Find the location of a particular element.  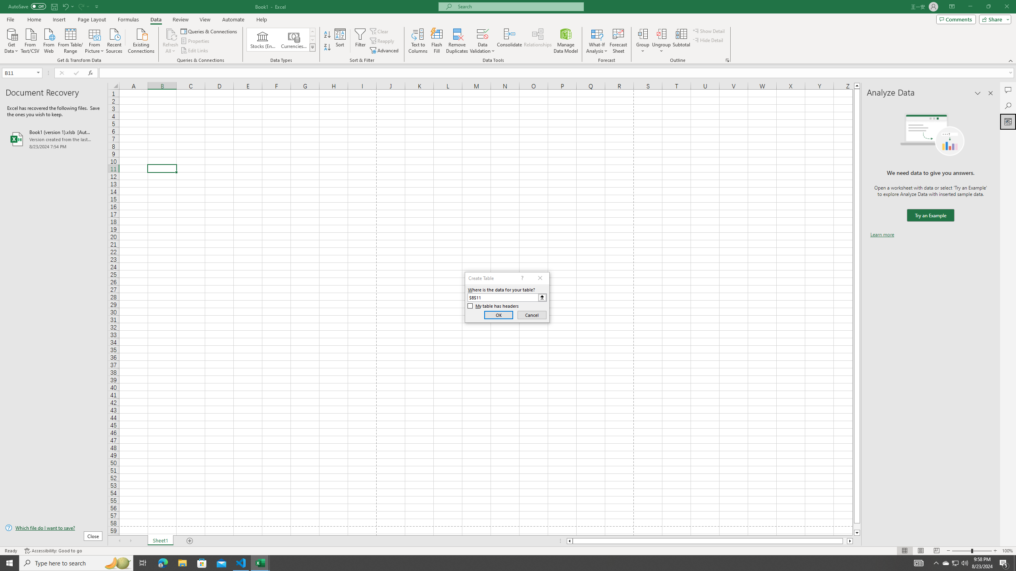

'Reapply' is located at coordinates (383, 41).